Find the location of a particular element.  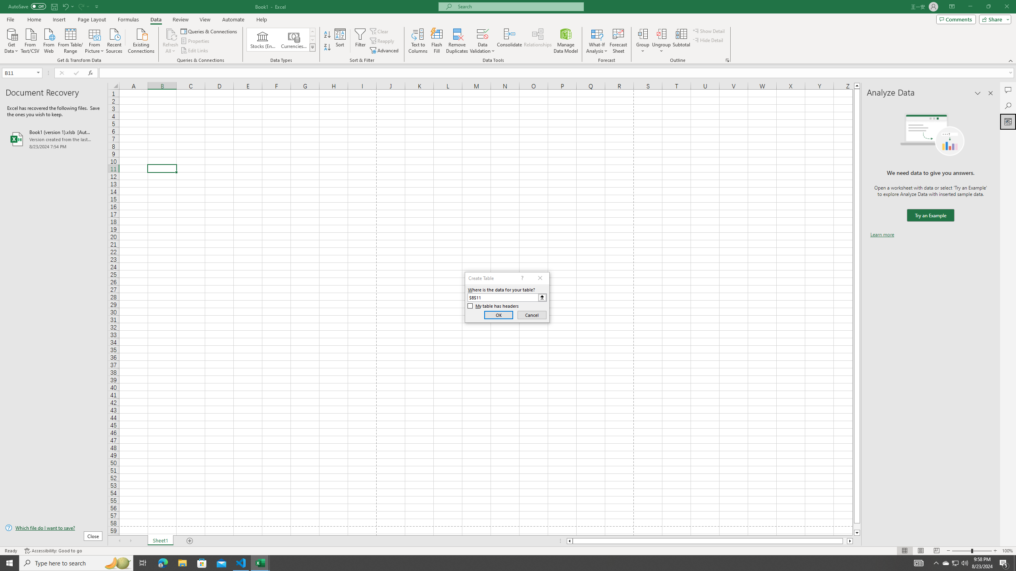

'Reapply' is located at coordinates (383, 41).